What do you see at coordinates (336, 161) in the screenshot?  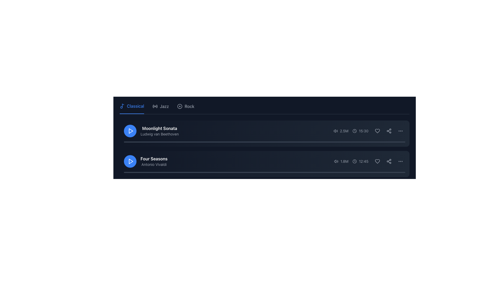 I see `the gray SVG-based speaker icon emitting sound waves, which is the first icon to the left of the '1.8M' text in the play-related info for the second audio track` at bounding box center [336, 161].